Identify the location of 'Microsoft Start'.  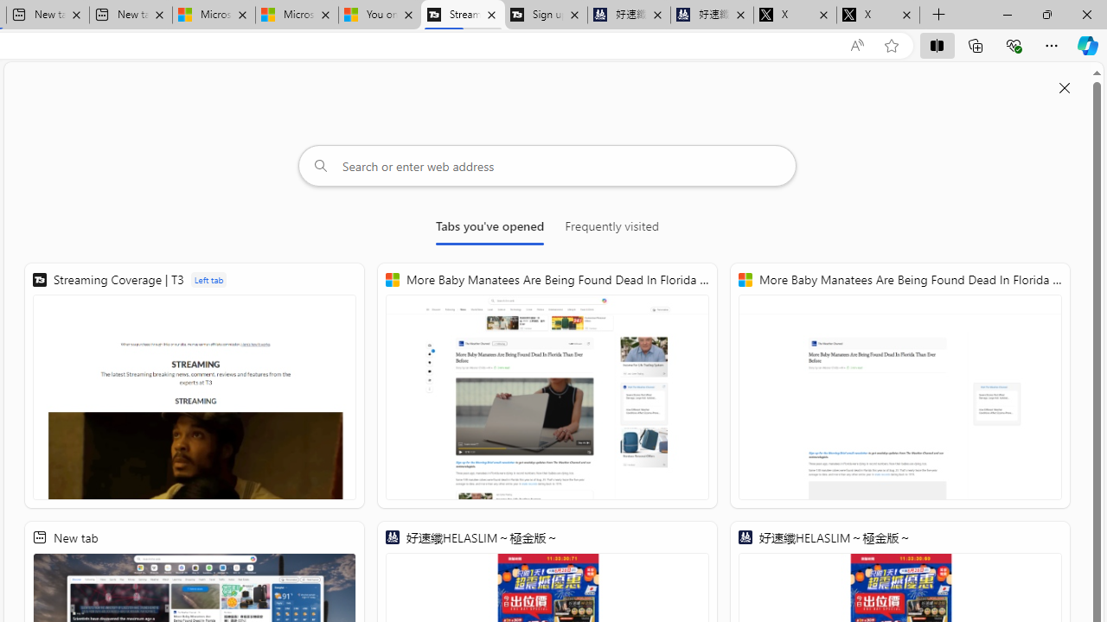
(297, 15).